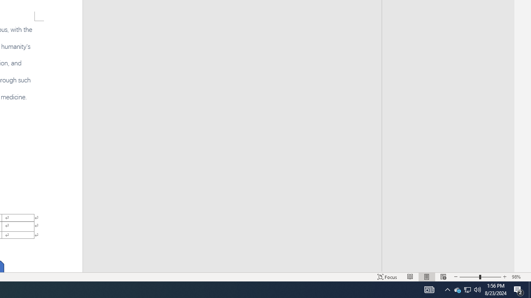 This screenshot has height=298, width=531. Describe the element at coordinates (427, 277) in the screenshot. I see `'Print Layout'` at that location.